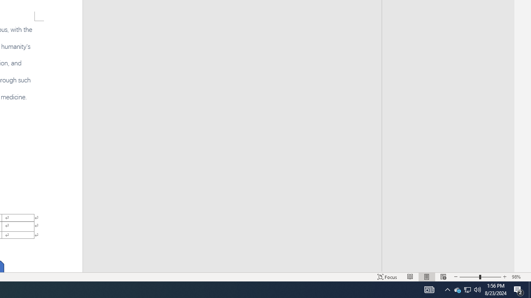 This screenshot has height=298, width=531. Describe the element at coordinates (427, 277) in the screenshot. I see `'Print Layout'` at that location.